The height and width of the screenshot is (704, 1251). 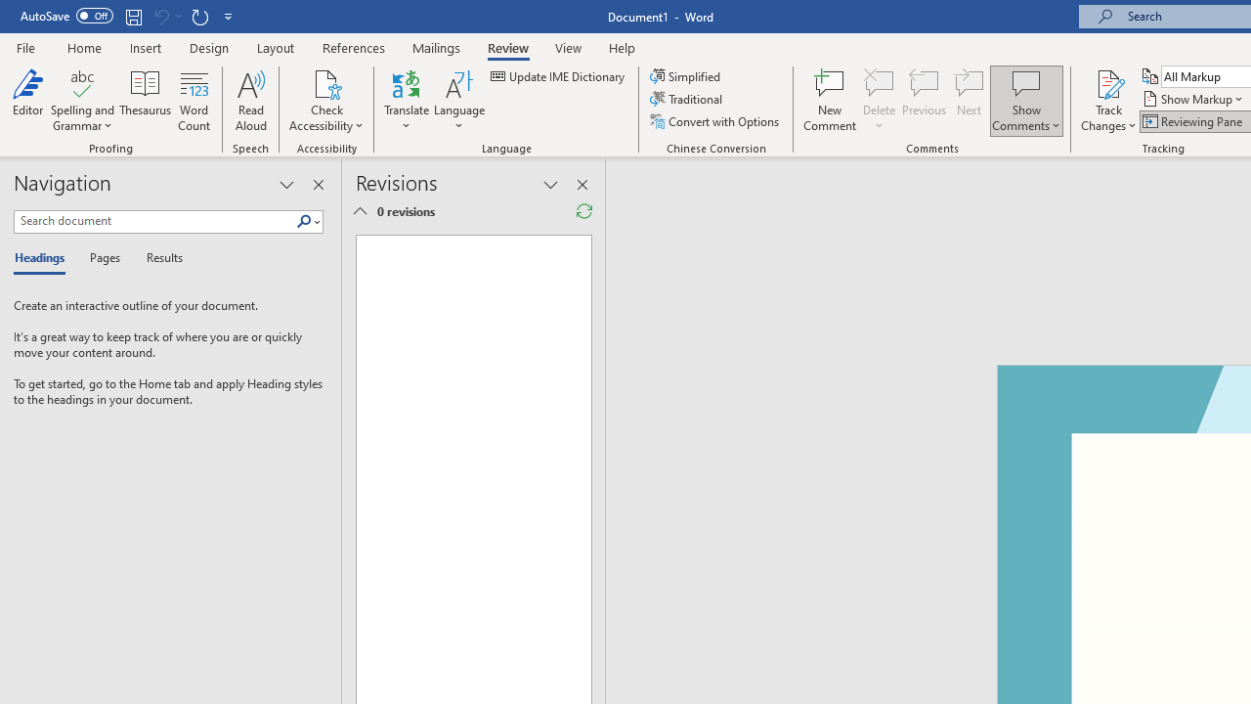 I want to click on 'Delete', so click(x=879, y=101).